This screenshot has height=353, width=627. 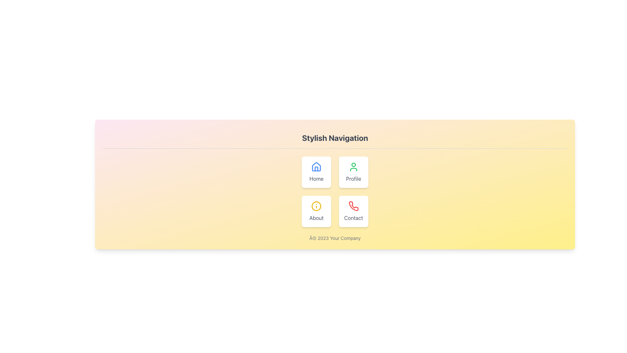 What do you see at coordinates (316, 206) in the screenshot?
I see `the information icon with a yellow outline and 'i' symbol, located in the About section below the Profile button` at bounding box center [316, 206].